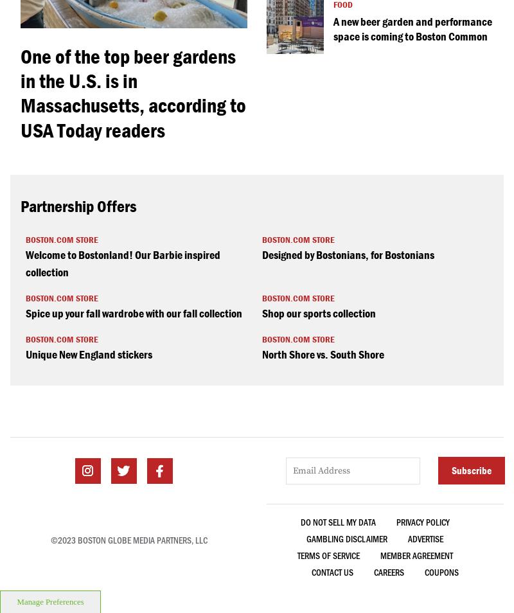 The width and height of the screenshot is (514, 613). Describe the element at coordinates (89, 353) in the screenshot. I see `'Unique New England stickers'` at that location.